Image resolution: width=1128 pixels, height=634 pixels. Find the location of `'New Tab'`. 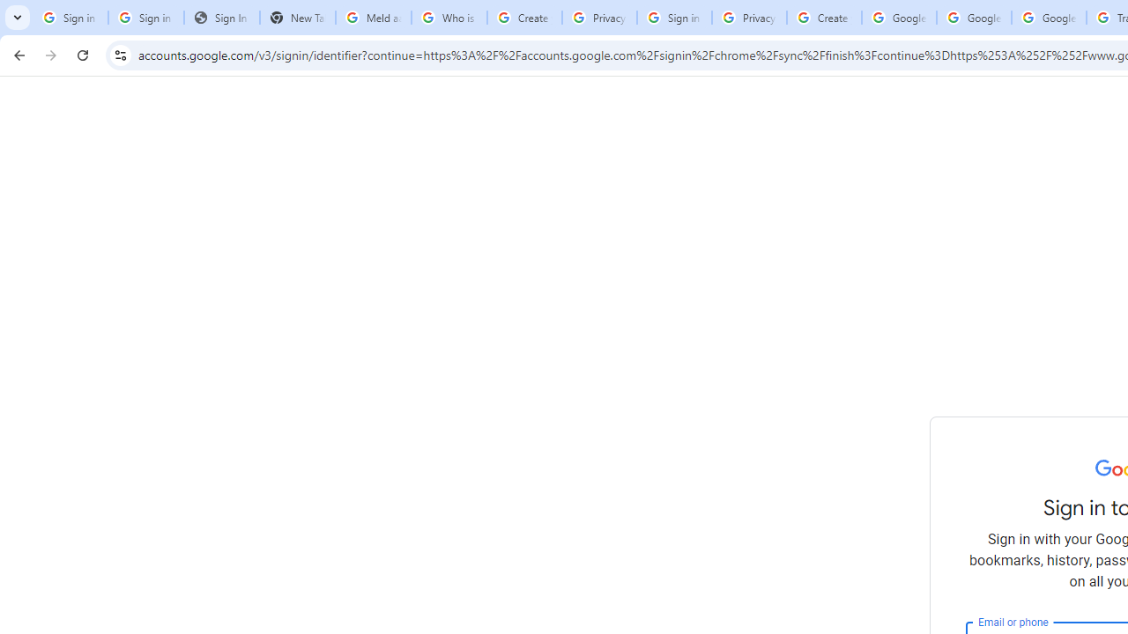

'New Tab' is located at coordinates (297, 18).